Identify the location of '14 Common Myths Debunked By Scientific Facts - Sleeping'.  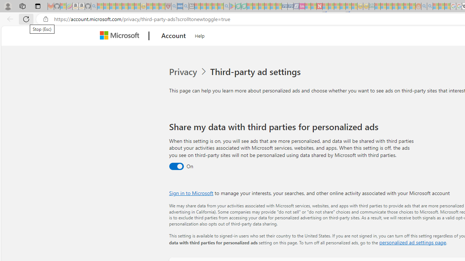
(331, 6).